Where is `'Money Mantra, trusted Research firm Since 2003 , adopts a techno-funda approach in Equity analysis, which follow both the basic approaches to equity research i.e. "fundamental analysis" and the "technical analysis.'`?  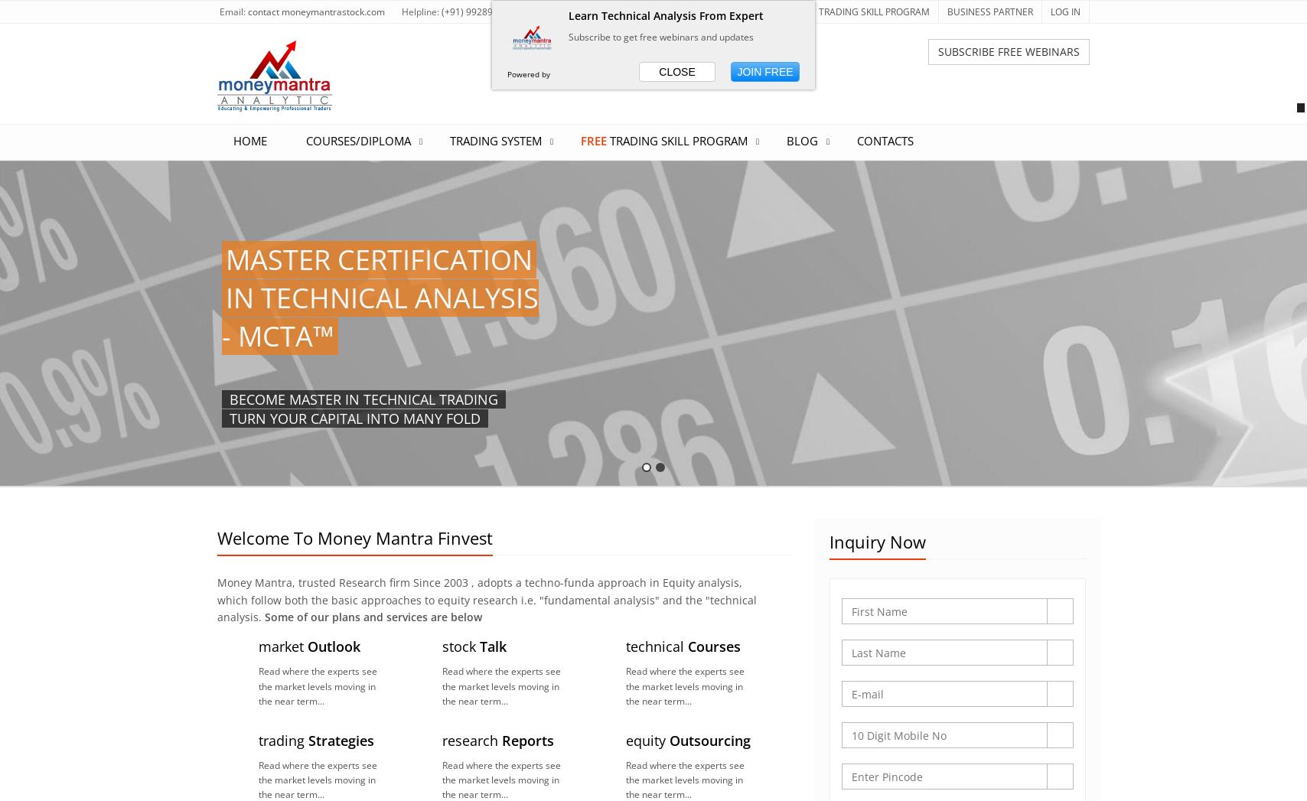
'Money Mantra, trusted Research firm Since 2003 , adopts a techno-funda approach in Equity analysis, which follow both the basic approaches to equity research i.e. "fundamental analysis" and the "technical analysis.' is located at coordinates (217, 598).